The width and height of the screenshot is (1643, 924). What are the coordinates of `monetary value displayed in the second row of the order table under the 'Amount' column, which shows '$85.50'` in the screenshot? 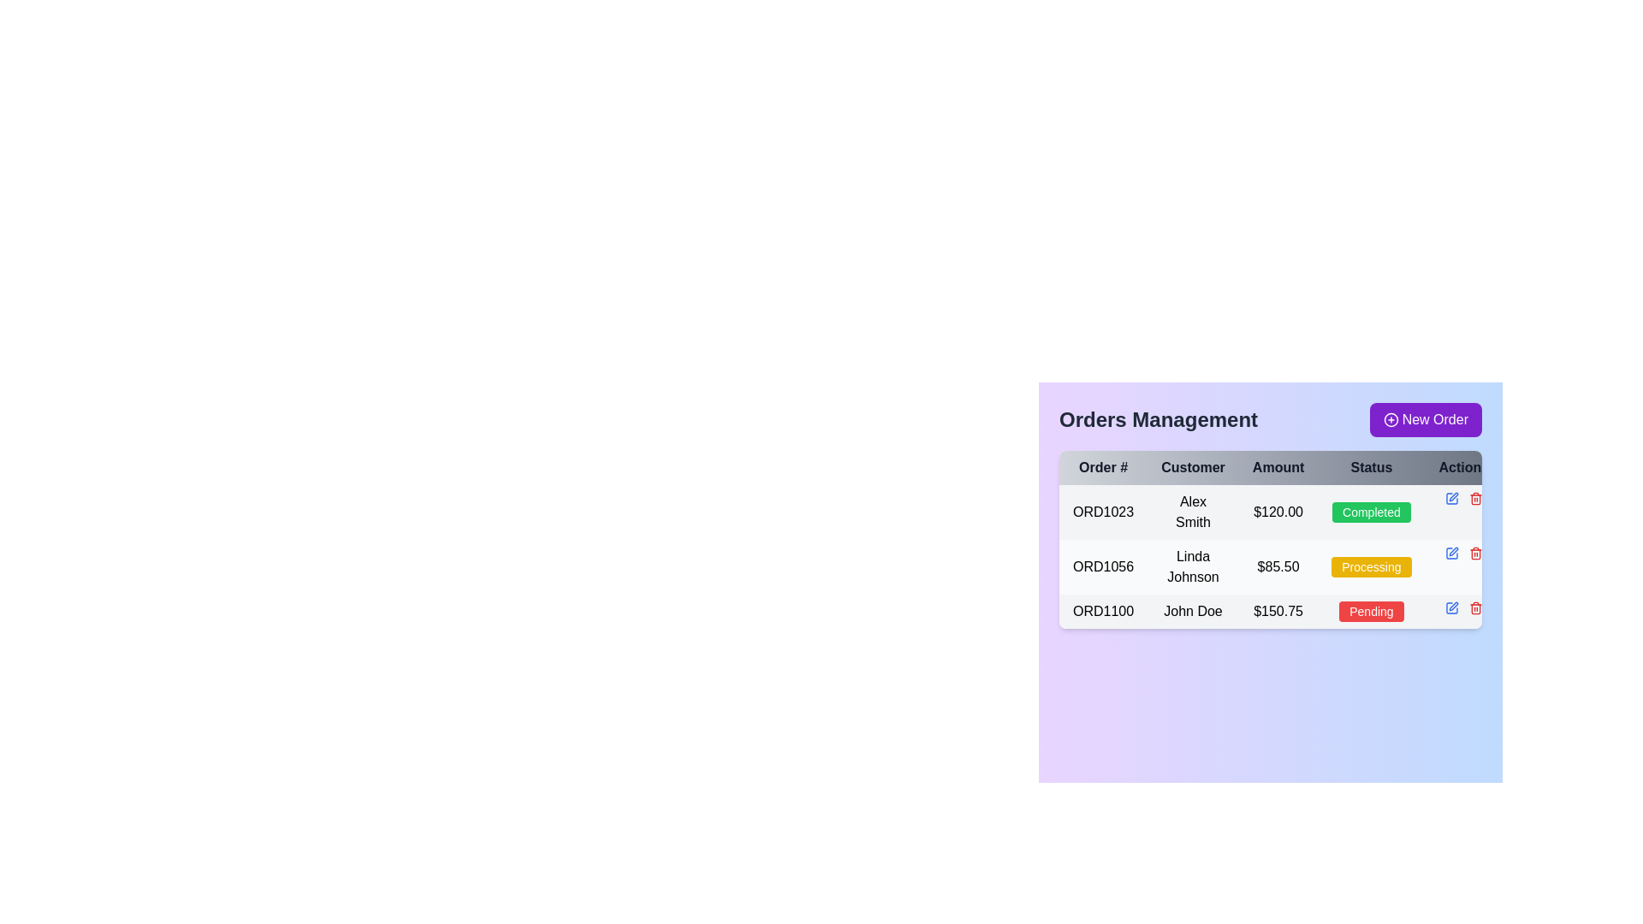 It's located at (1281, 557).